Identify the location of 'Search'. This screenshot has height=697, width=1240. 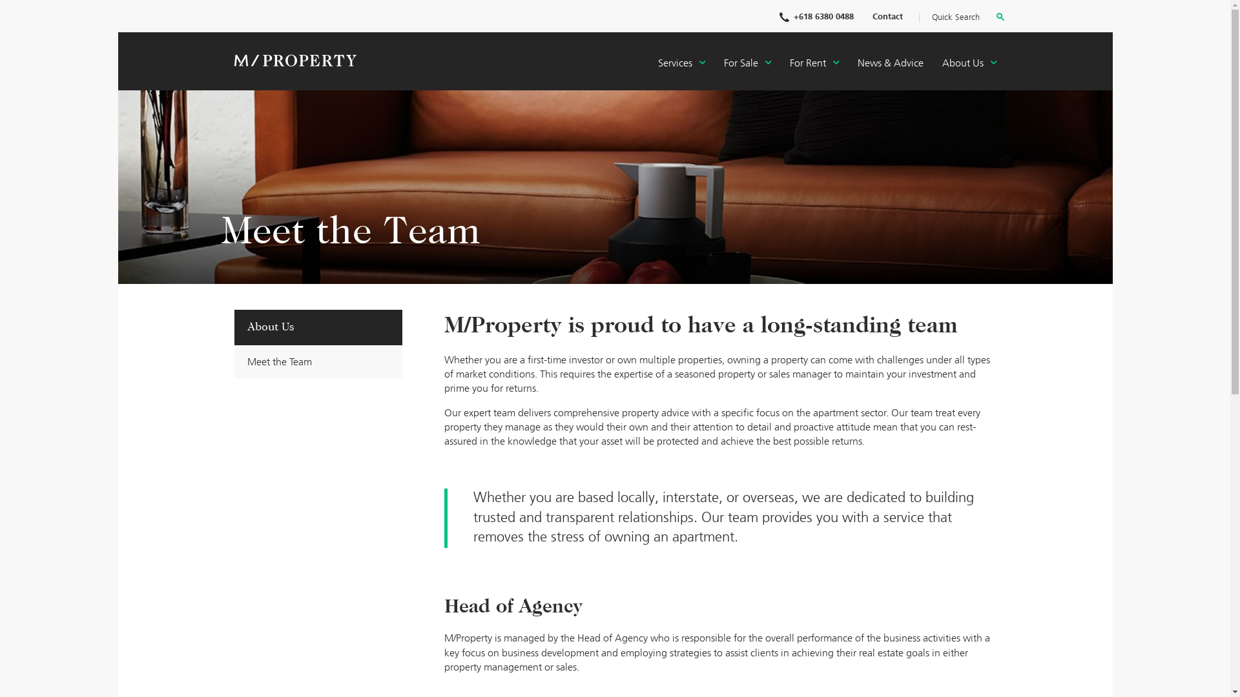
(998, 19).